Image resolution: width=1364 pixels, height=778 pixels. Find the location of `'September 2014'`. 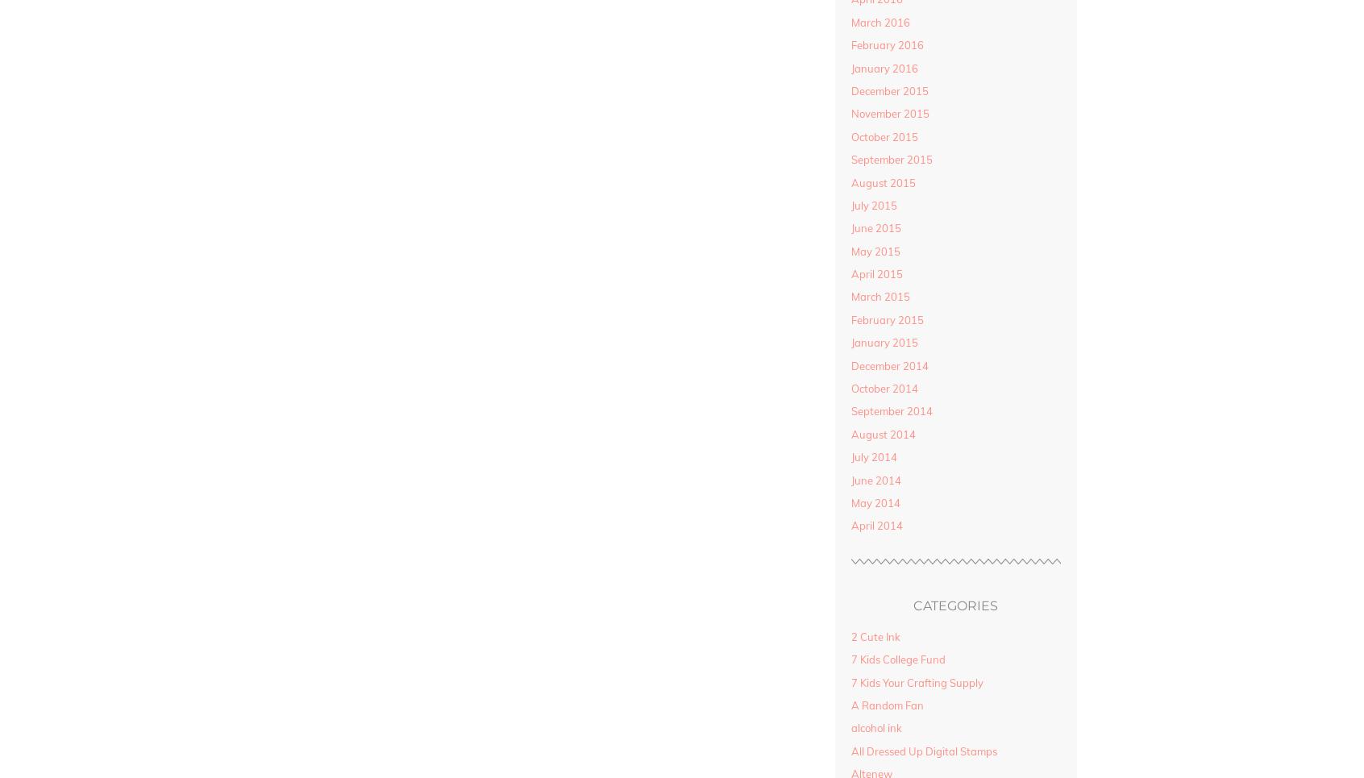

'September 2014' is located at coordinates (849, 411).